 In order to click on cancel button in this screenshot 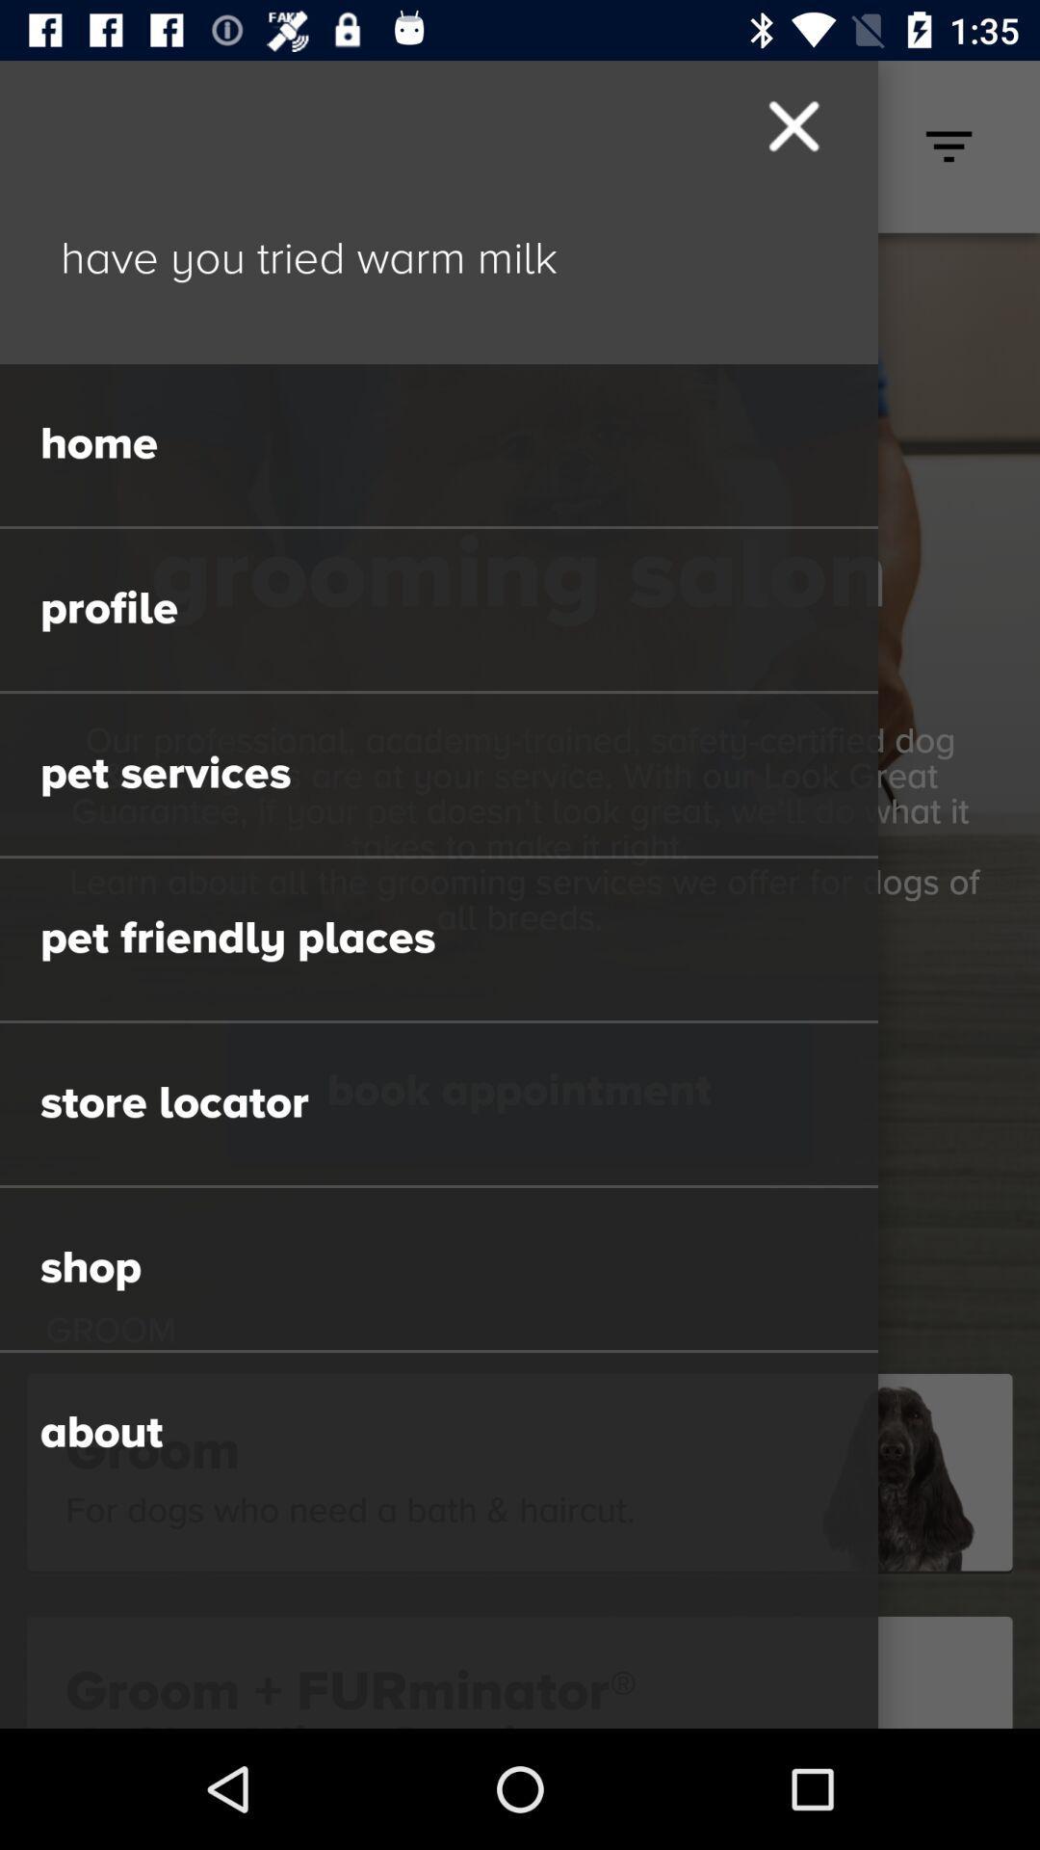, I will do `click(792, 125)`.